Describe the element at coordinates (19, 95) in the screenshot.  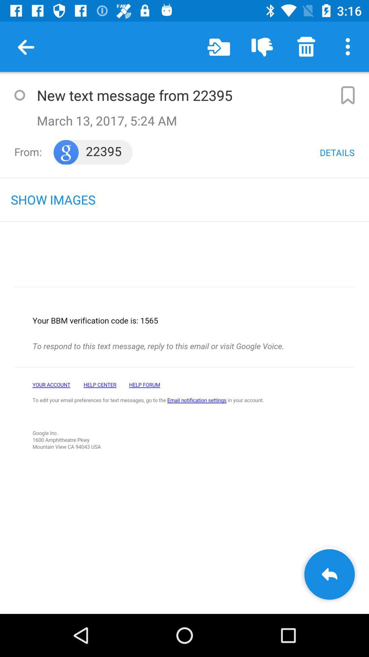
I see `option` at that location.